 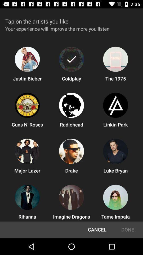 I want to click on from the second row second icon, so click(x=71, y=105).